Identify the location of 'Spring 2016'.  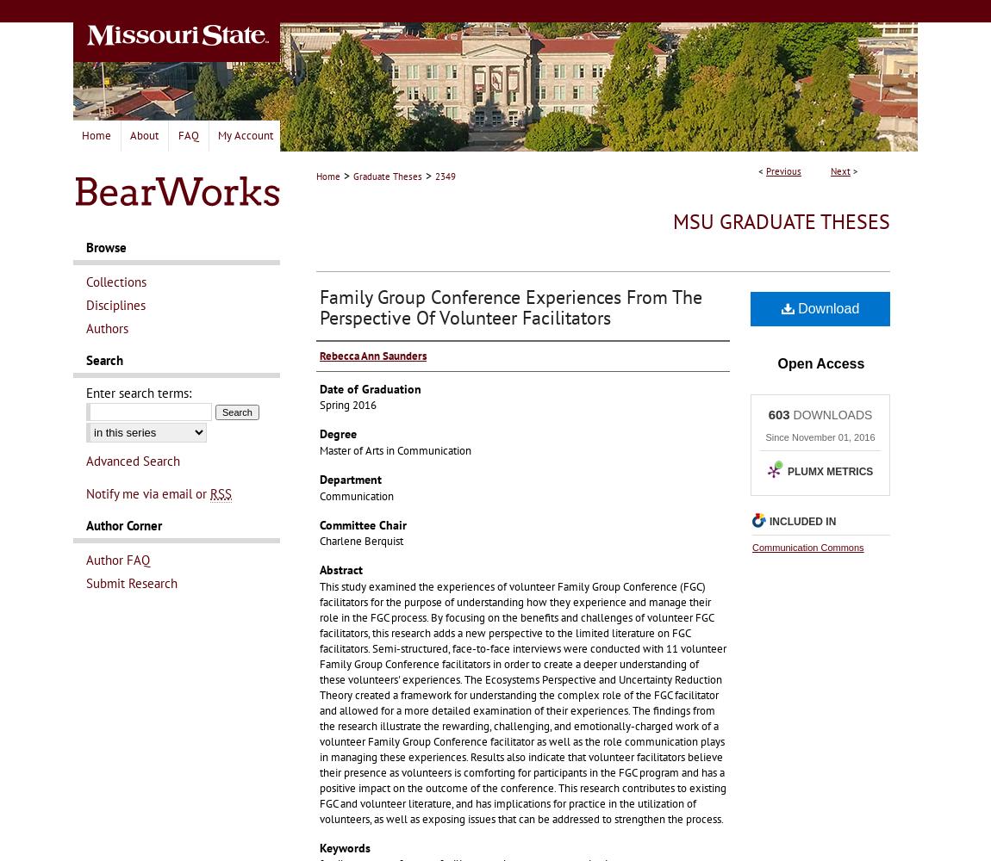
(347, 404).